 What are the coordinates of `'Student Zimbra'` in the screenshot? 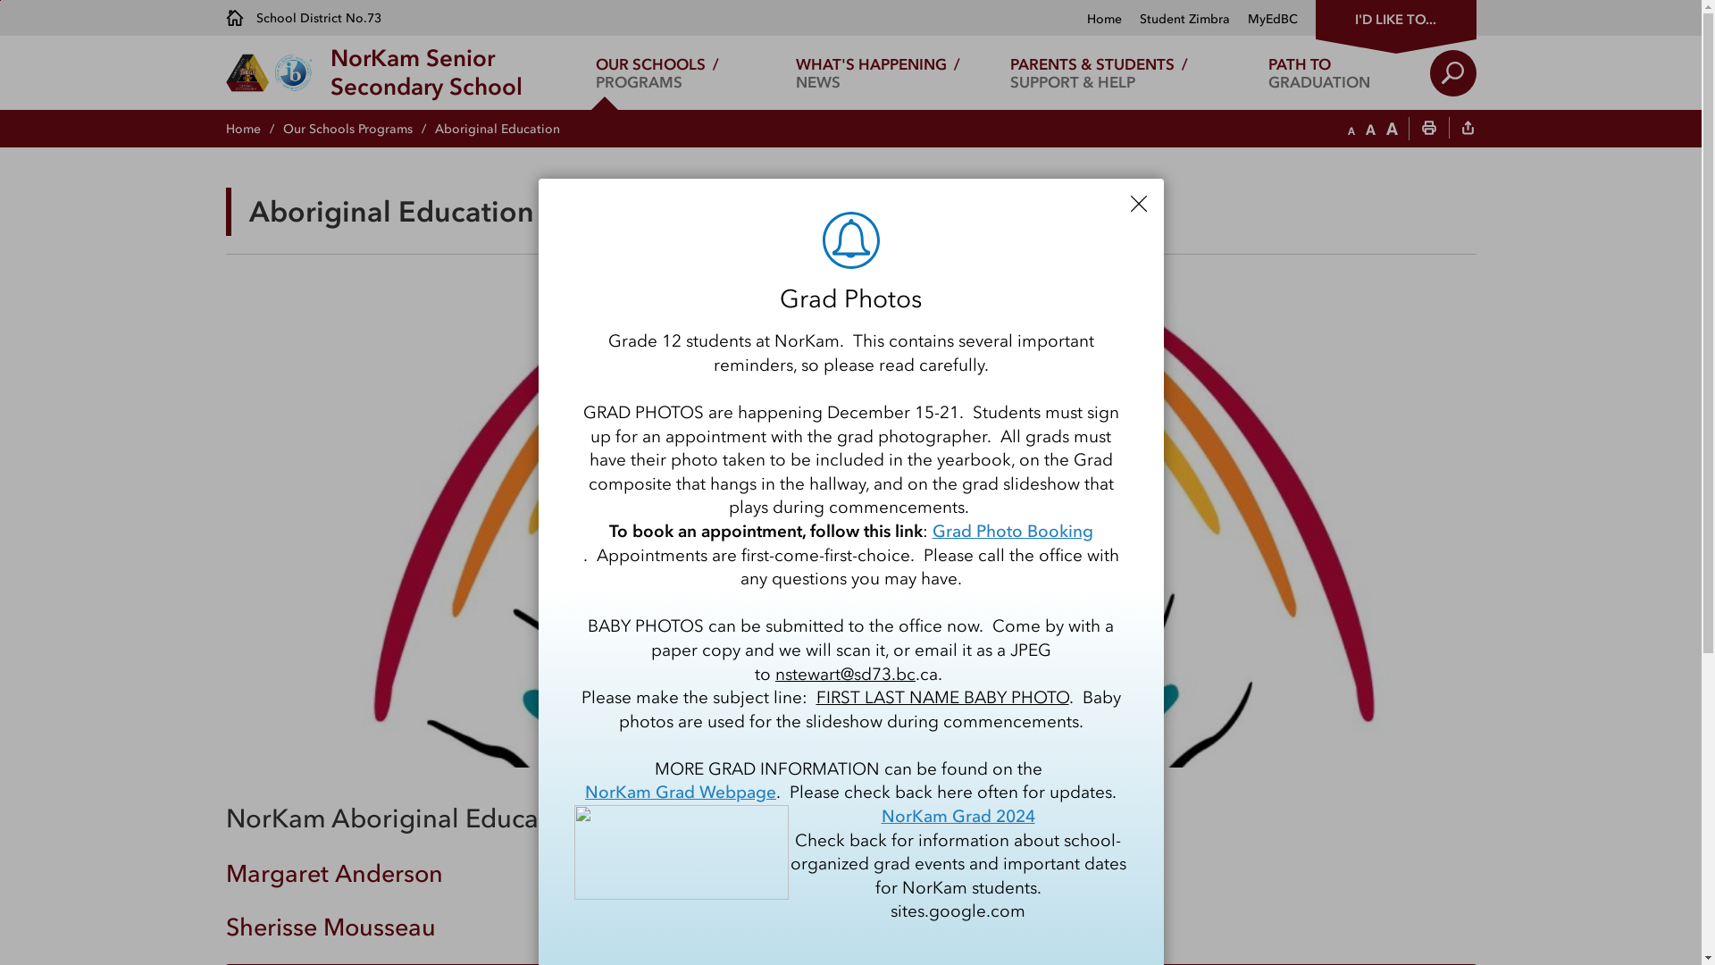 It's located at (1175, 19).